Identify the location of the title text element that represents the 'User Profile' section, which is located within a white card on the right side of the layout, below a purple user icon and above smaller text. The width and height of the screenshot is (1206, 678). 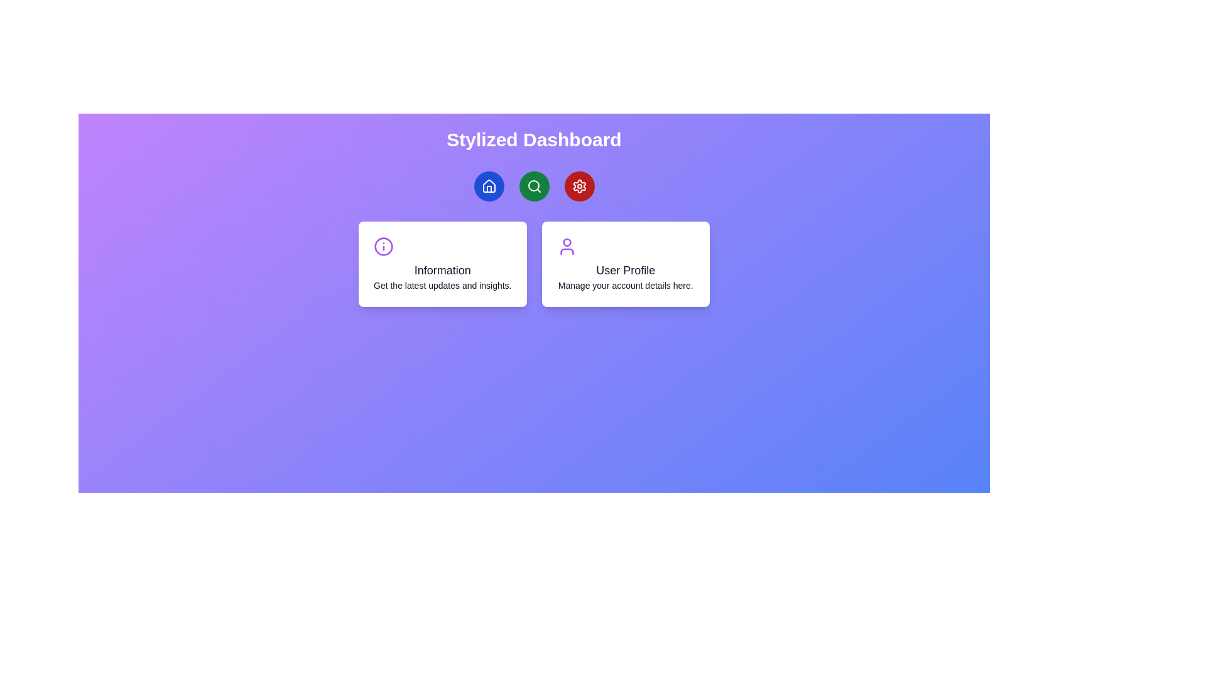
(626, 270).